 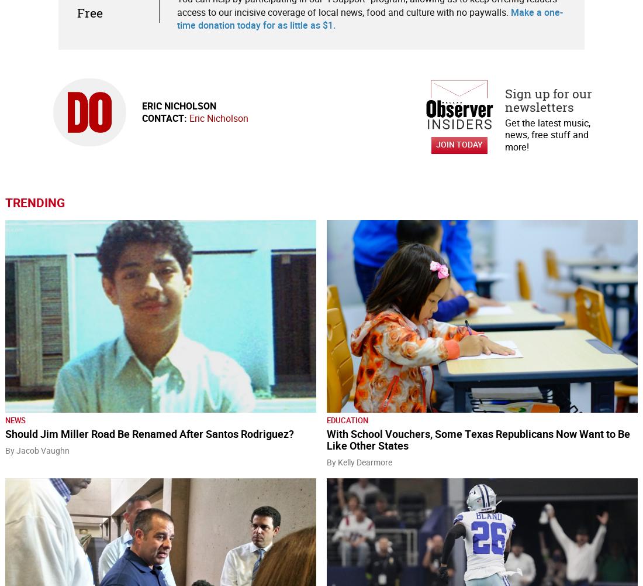 What do you see at coordinates (37, 450) in the screenshot?
I see `'By Jacob Vaughn'` at bounding box center [37, 450].